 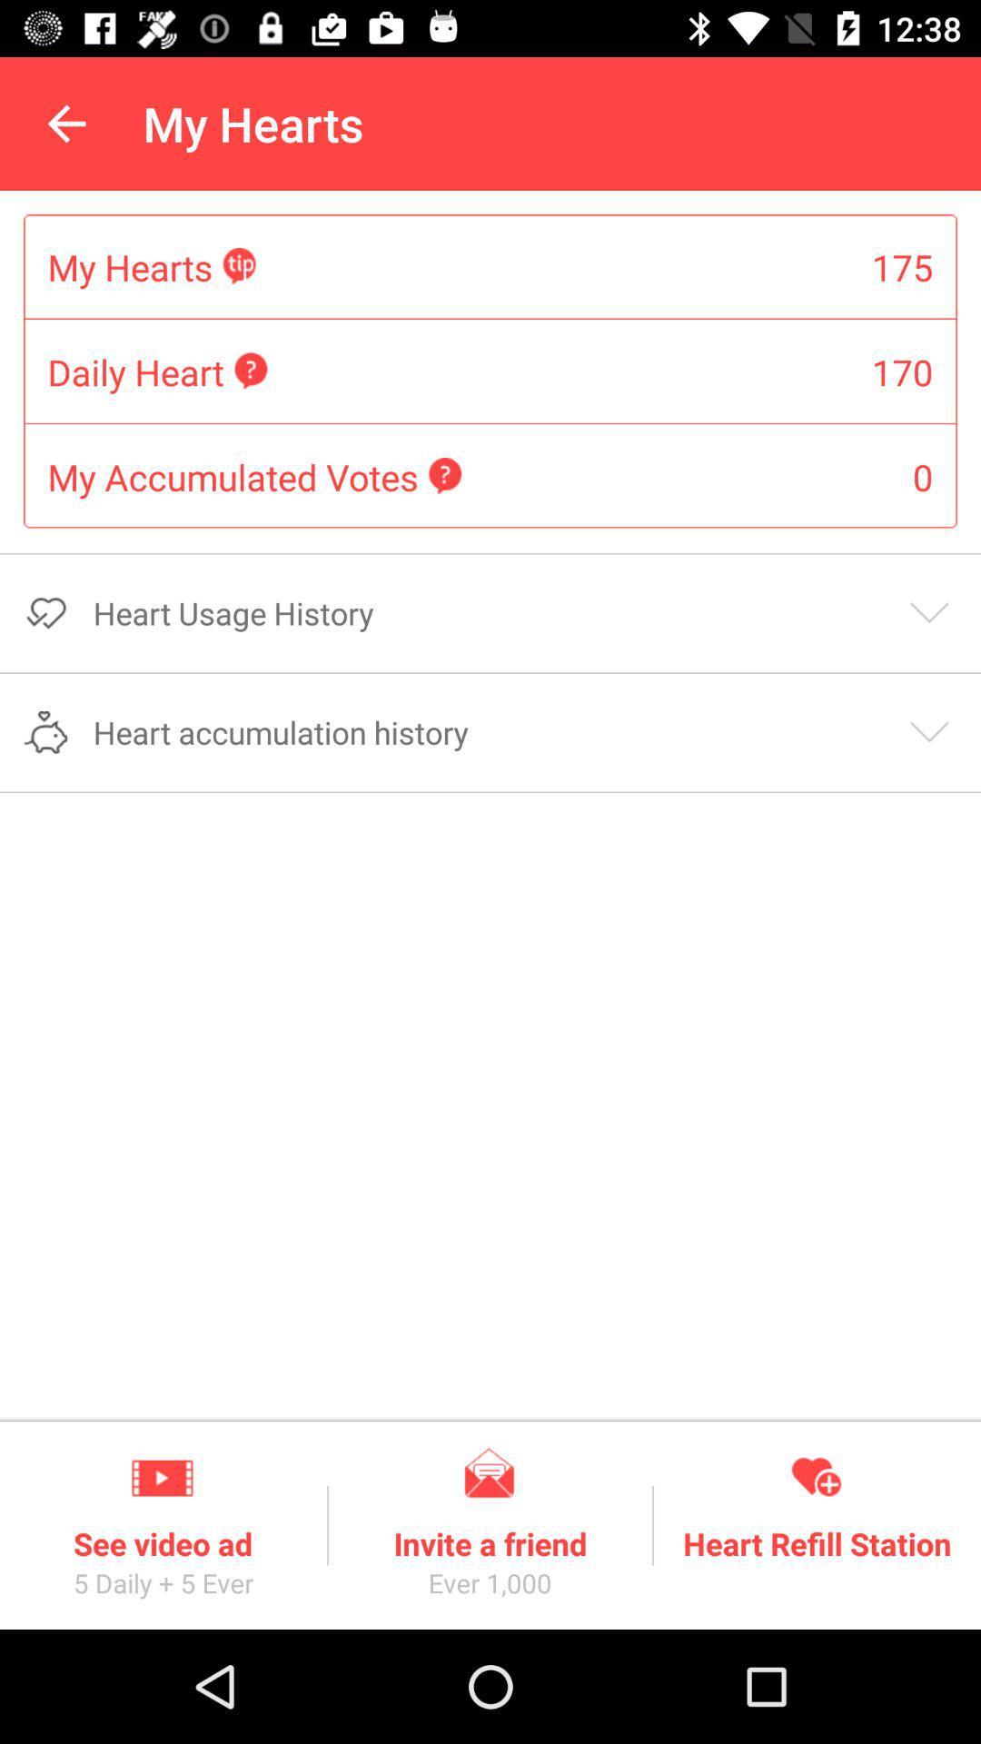 I want to click on the icon next to the my hearts app, so click(x=65, y=123).